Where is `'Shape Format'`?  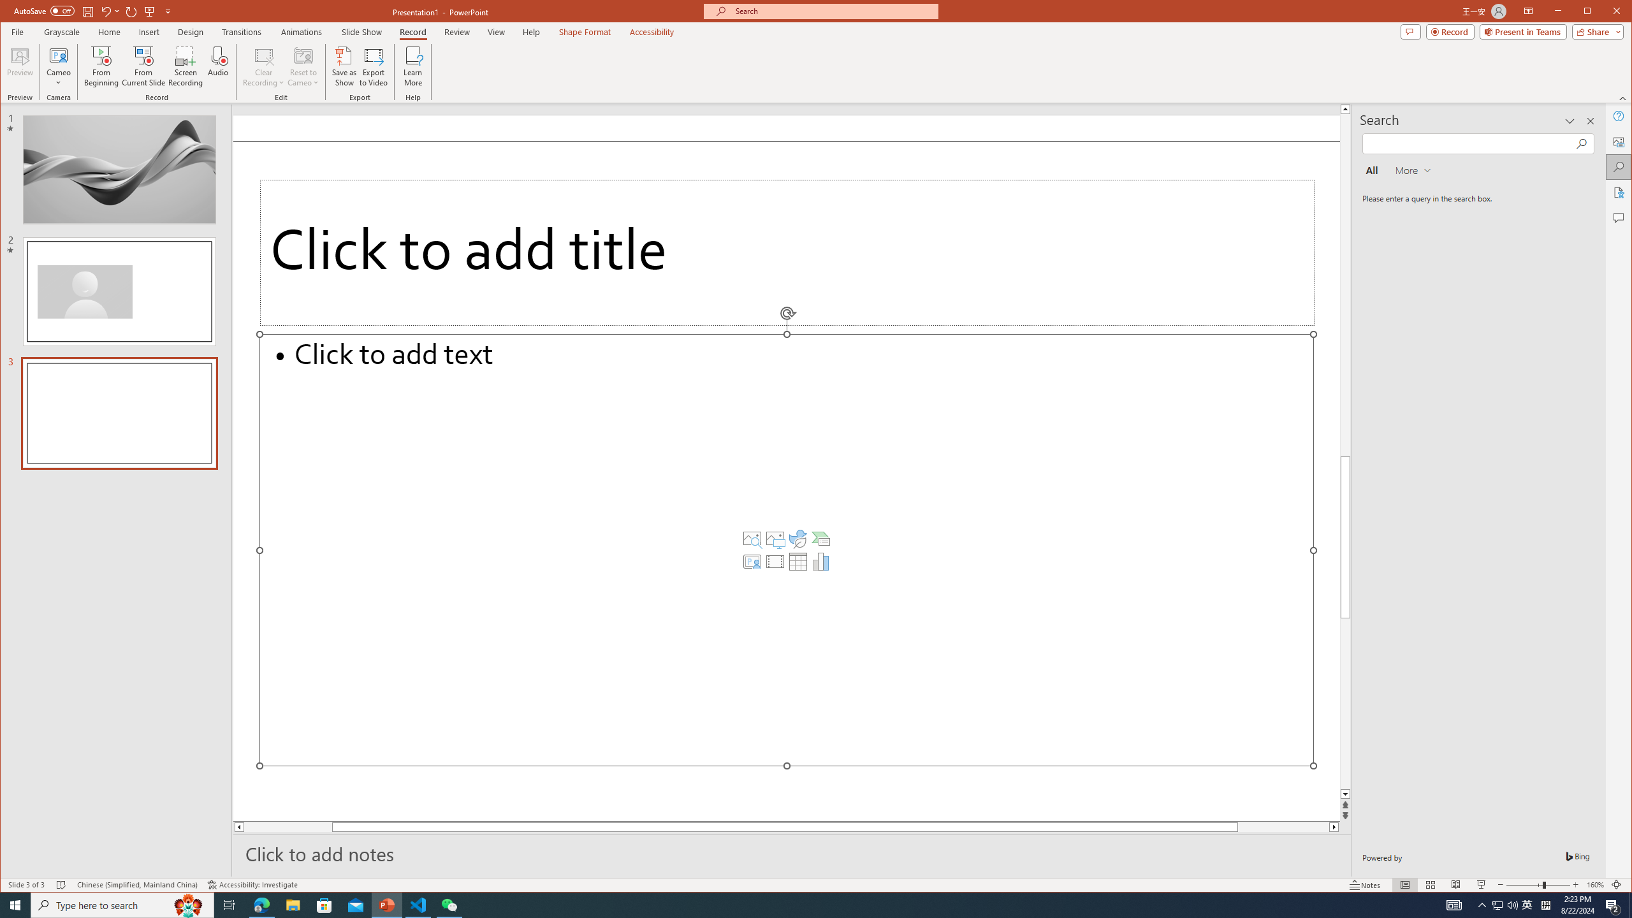 'Shape Format' is located at coordinates (585, 31).